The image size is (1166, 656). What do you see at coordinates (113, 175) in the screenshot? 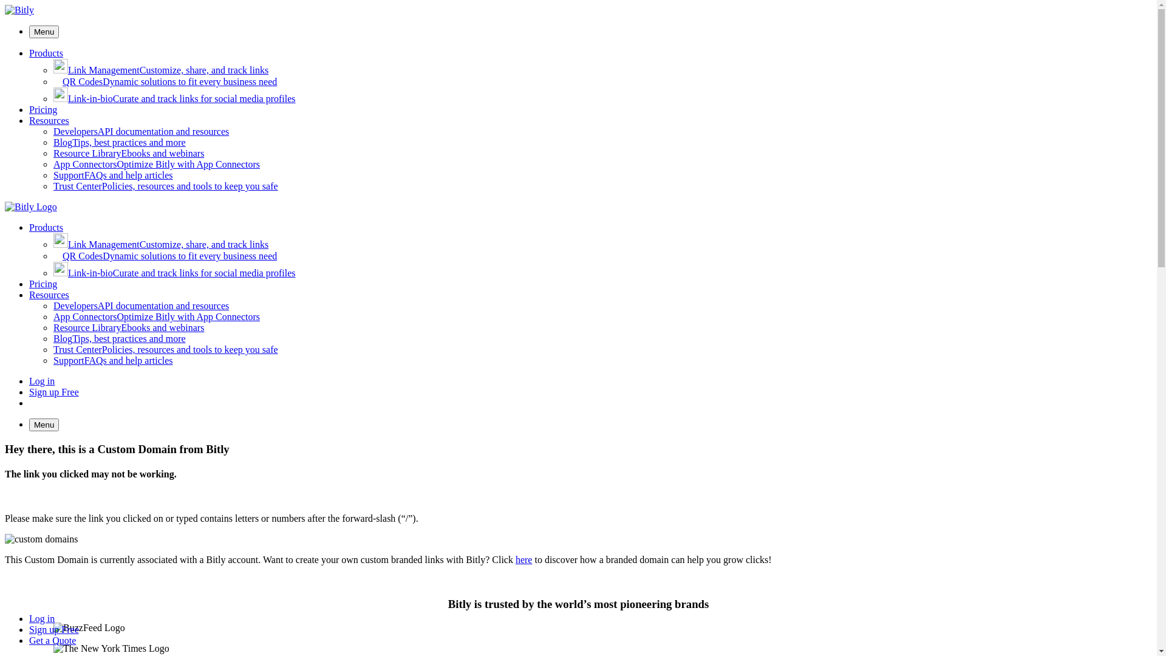
I see `'SupportFAQs and help articles'` at bounding box center [113, 175].